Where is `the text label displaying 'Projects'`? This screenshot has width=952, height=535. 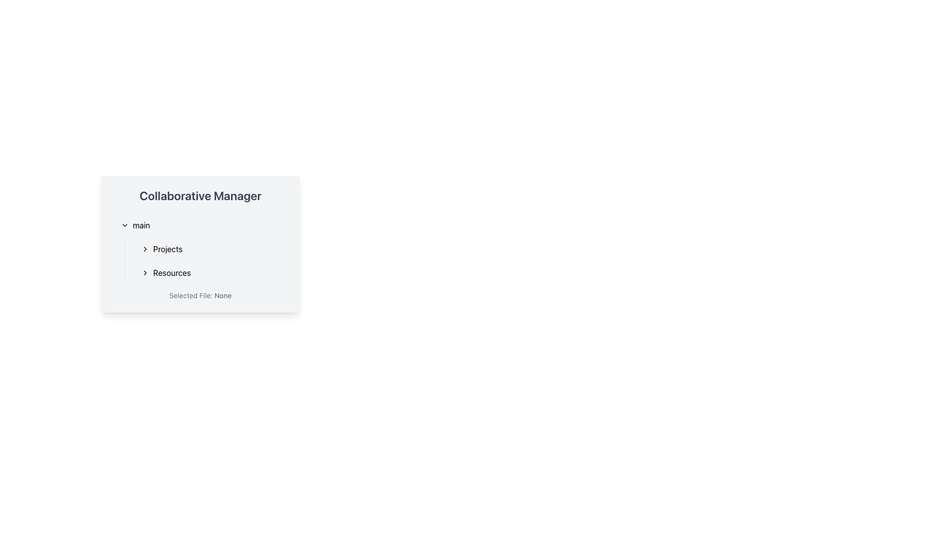 the text label displaying 'Projects' is located at coordinates (168, 248).